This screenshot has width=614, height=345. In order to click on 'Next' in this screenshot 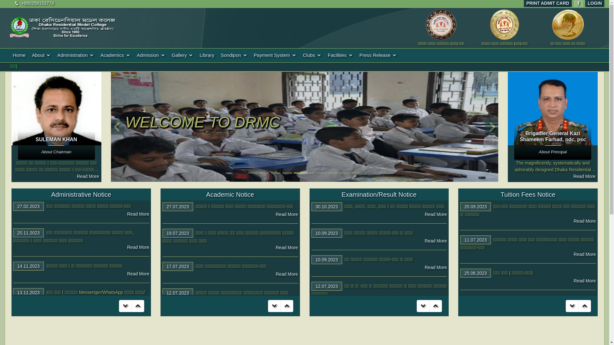, I will do `click(492, 127)`.